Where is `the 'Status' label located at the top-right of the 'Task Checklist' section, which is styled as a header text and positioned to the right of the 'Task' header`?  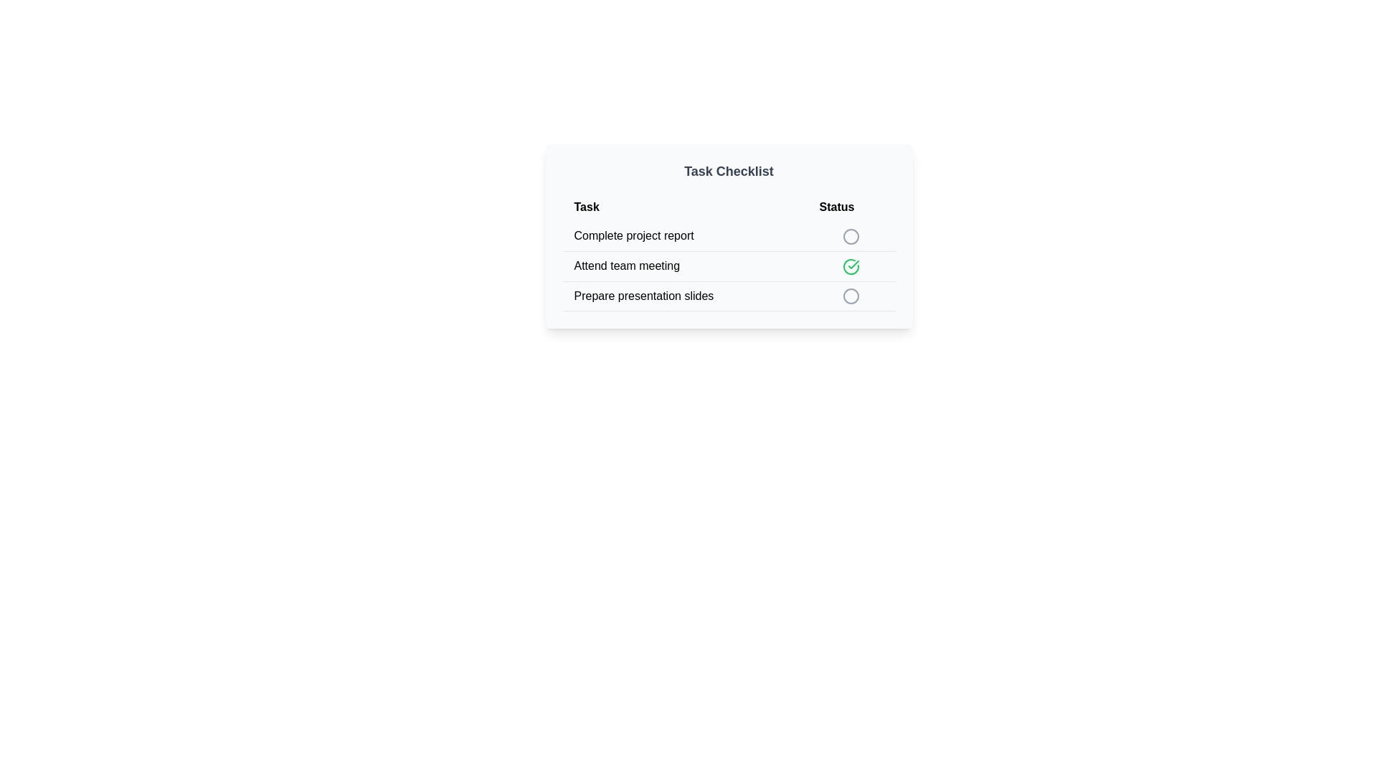
the 'Status' label located at the top-right of the 'Task Checklist' section, which is styled as a header text and positioned to the right of the 'Task' header is located at coordinates (851, 207).